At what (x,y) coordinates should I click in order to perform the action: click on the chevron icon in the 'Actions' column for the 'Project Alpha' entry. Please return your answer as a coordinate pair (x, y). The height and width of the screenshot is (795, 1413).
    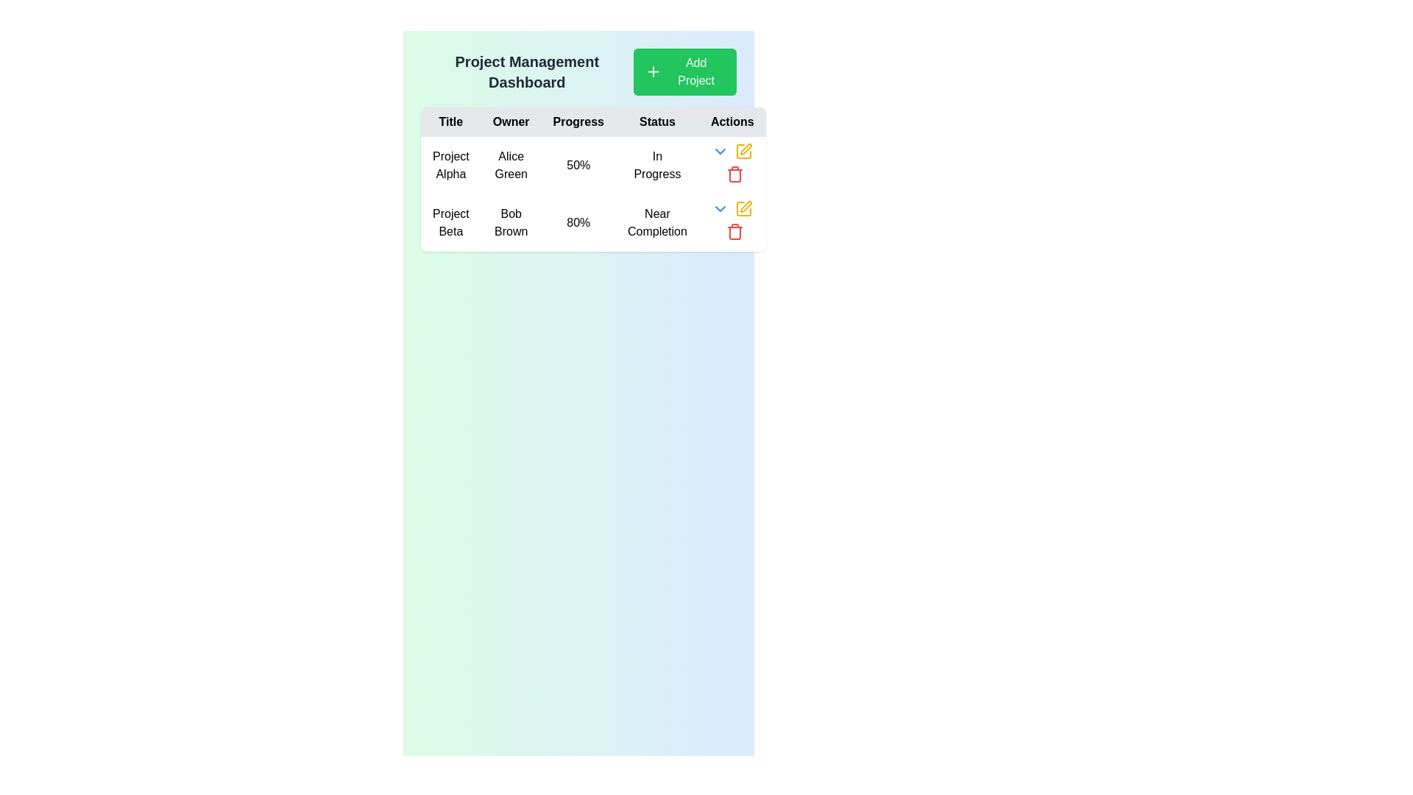
    Looking at the image, I should click on (720, 151).